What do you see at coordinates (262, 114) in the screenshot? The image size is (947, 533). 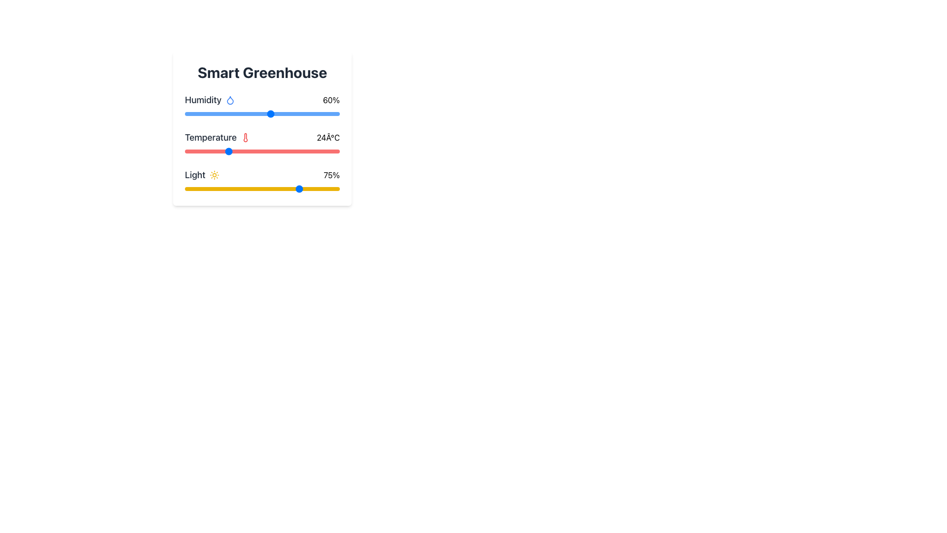 I see `the horizontal slider located in the 'Humidity 60%' section to set the humidity level` at bounding box center [262, 114].